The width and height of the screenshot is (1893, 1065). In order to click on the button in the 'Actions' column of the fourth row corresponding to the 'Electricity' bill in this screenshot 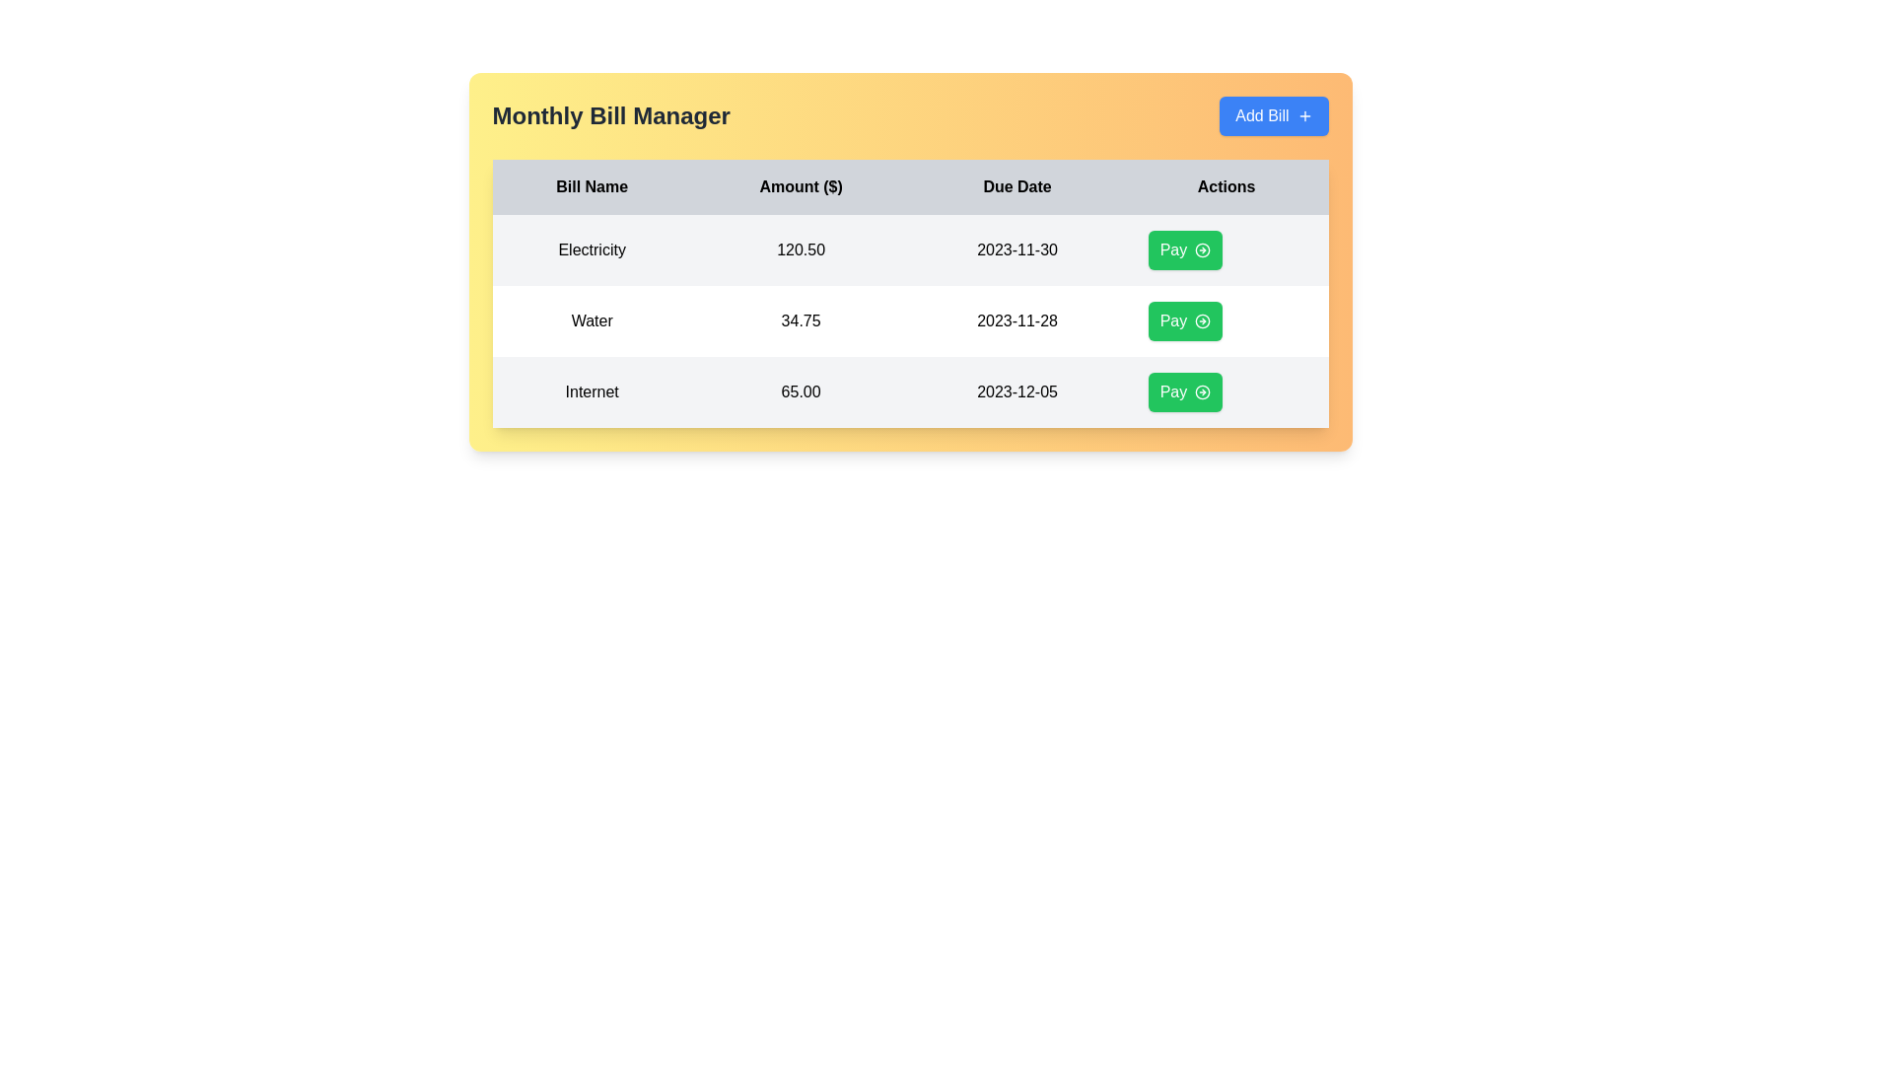, I will do `click(1226, 249)`.